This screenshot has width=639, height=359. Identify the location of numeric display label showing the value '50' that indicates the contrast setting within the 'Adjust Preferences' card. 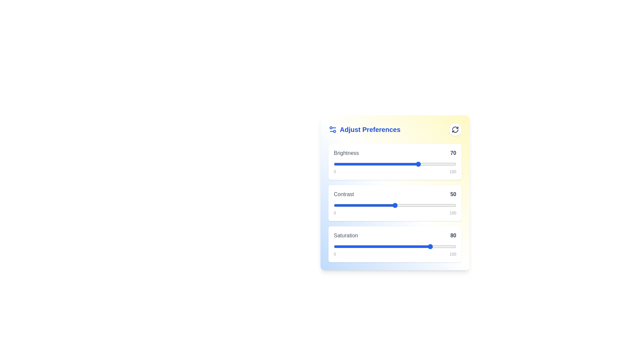
(453, 194).